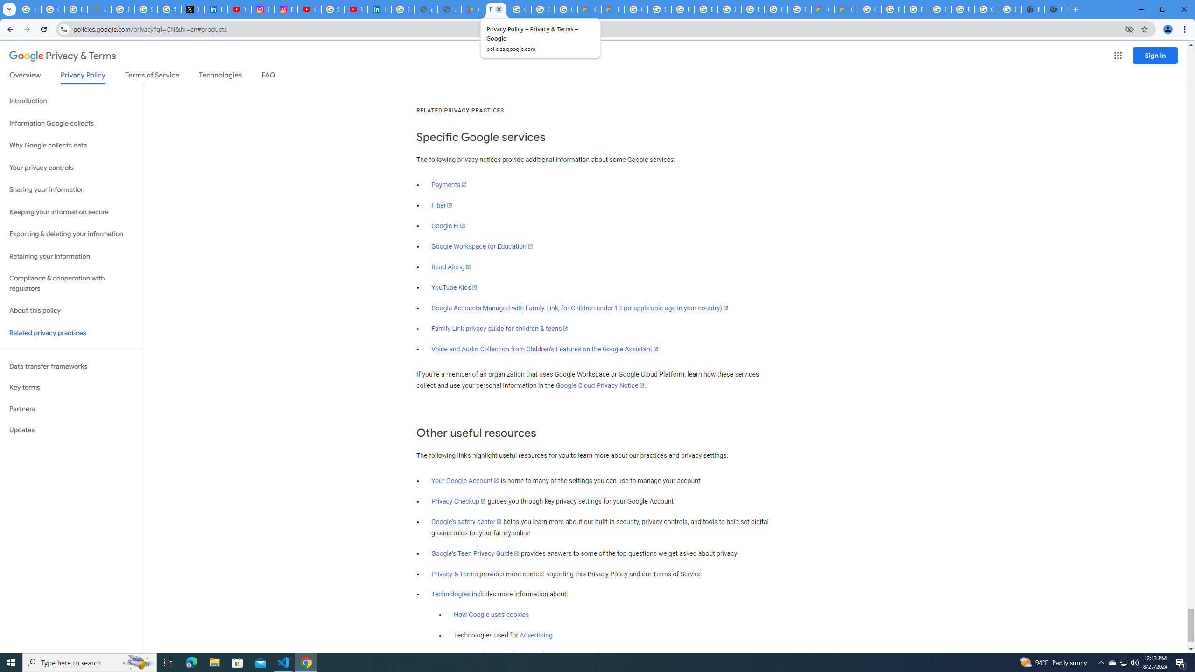  What do you see at coordinates (152, 77) in the screenshot?
I see `'Terms of Service'` at bounding box center [152, 77].